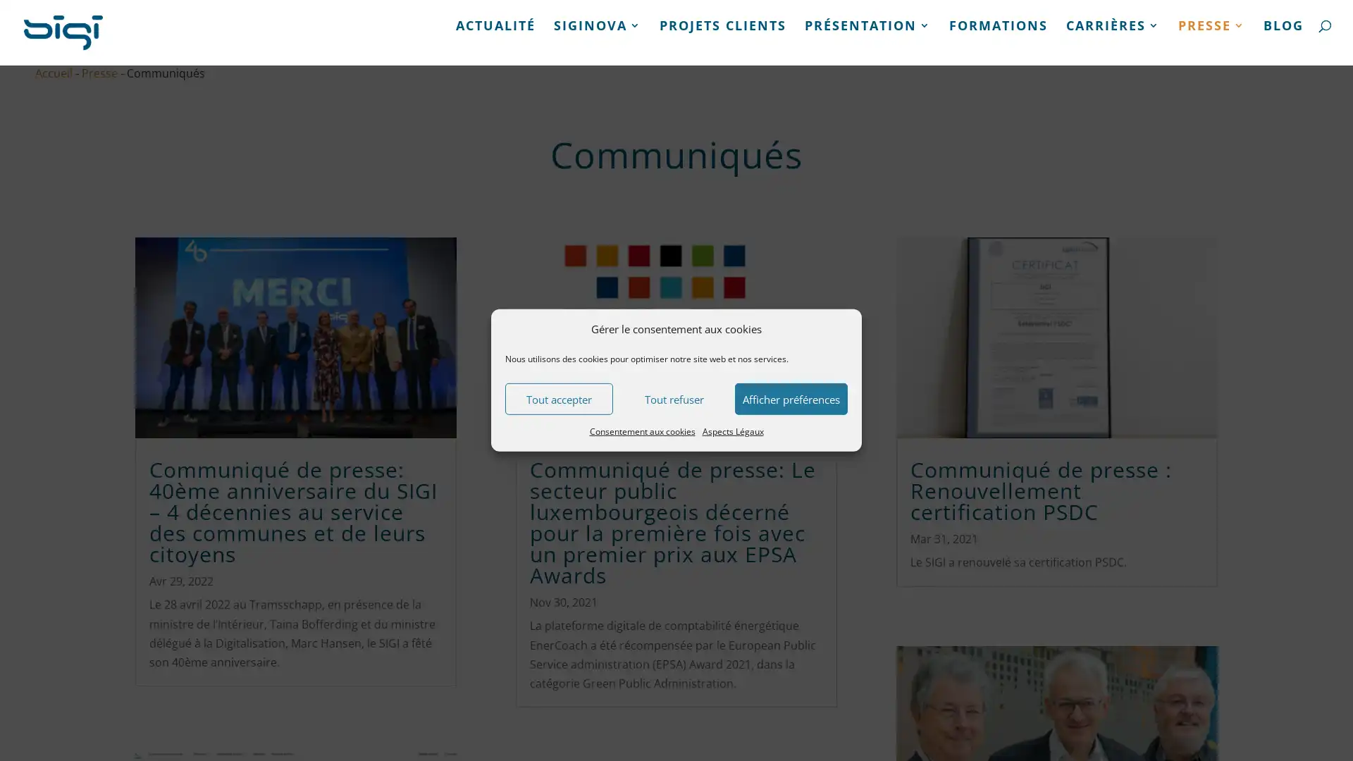 The width and height of the screenshot is (1353, 761). I want to click on Tout accepter, so click(558, 399).